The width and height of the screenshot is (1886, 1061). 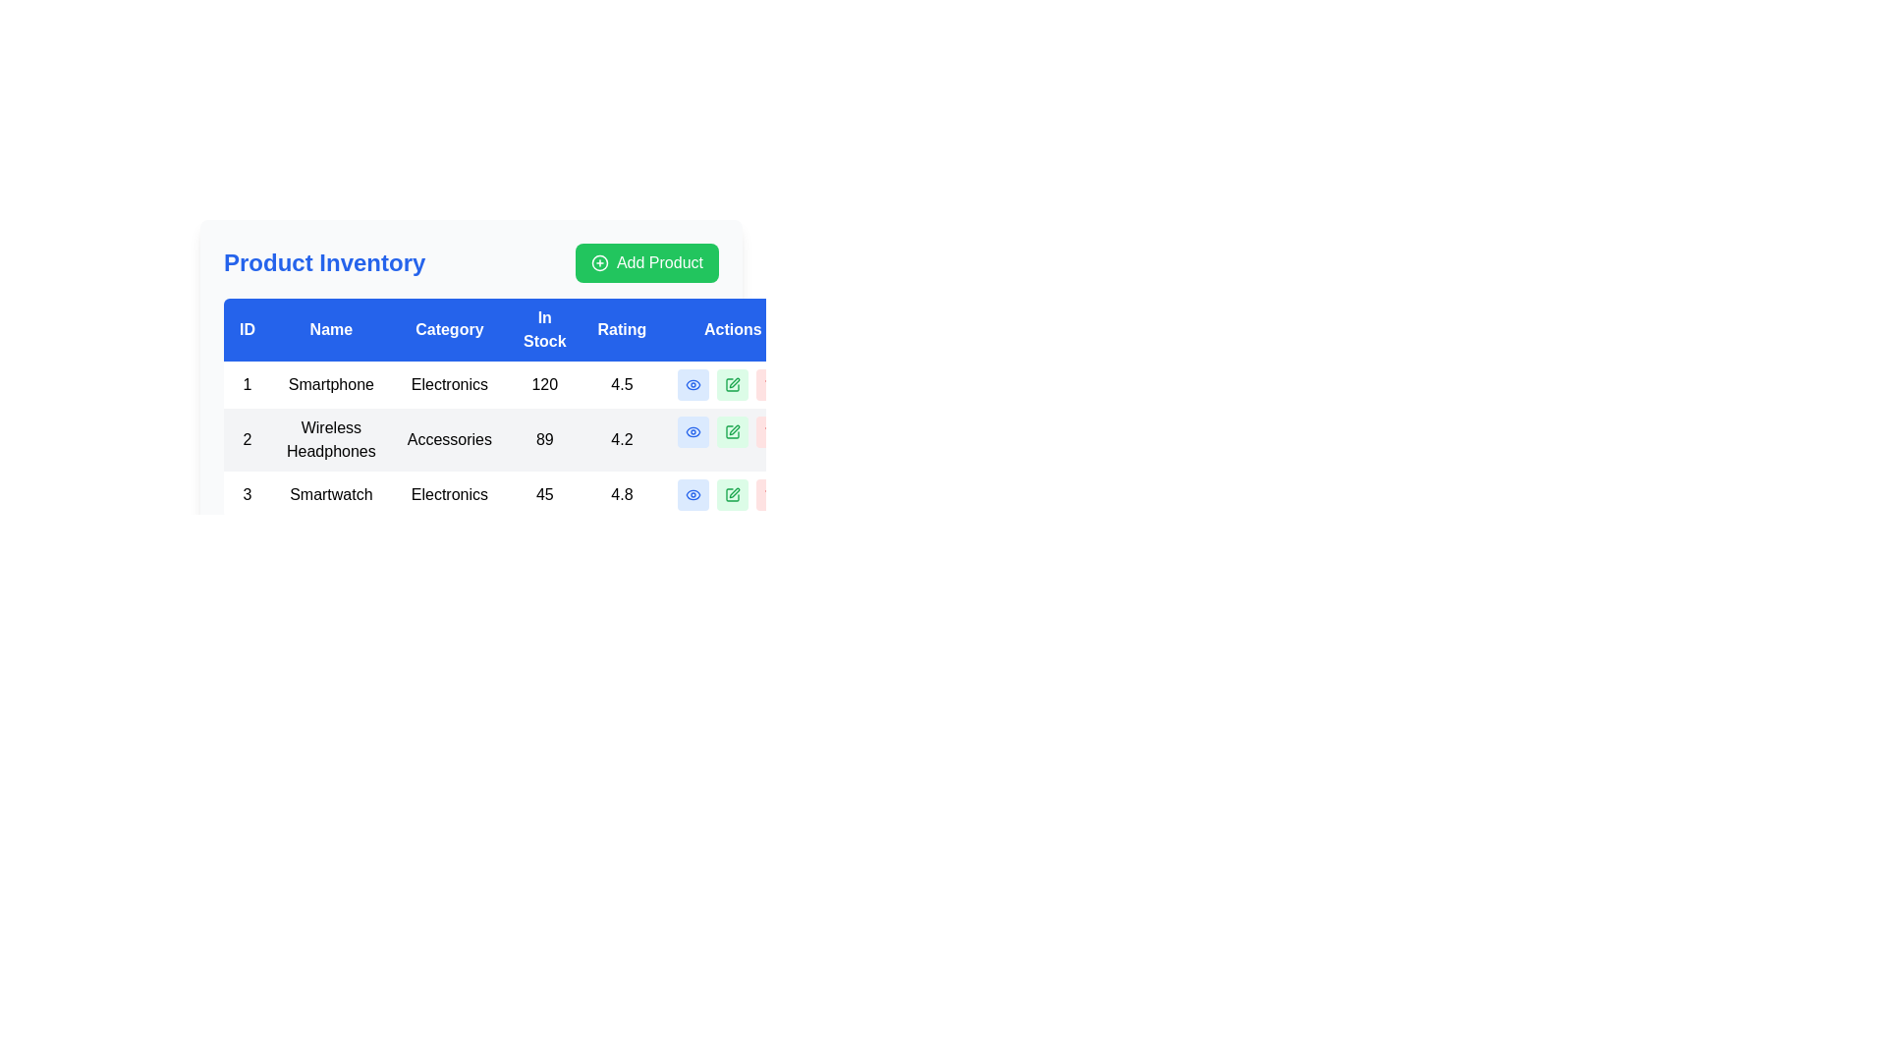 I want to click on text content of the 'Category' header in the table, which is displayed in white on a blue background and is located at the center of the header row, so click(x=448, y=328).